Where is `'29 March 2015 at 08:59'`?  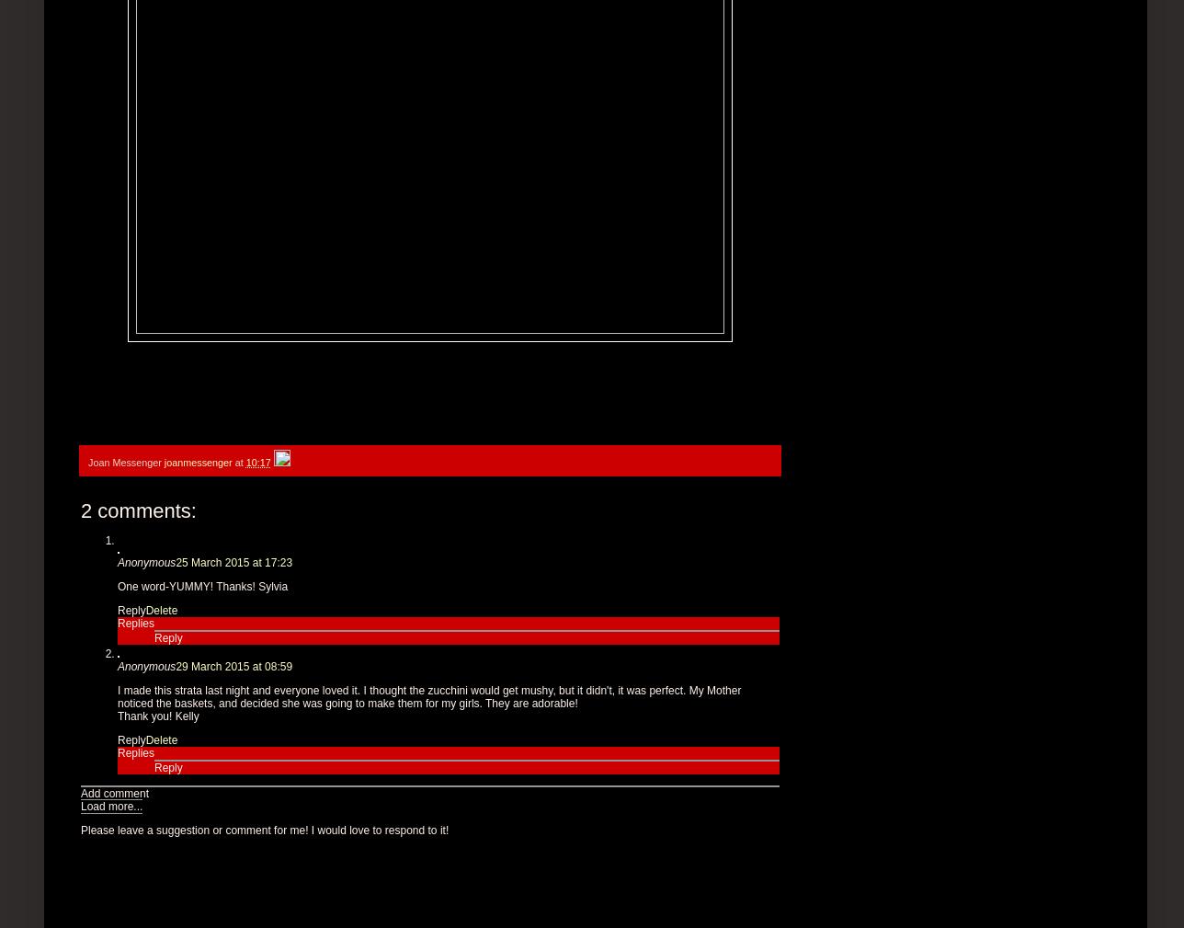
'29 March 2015 at 08:59' is located at coordinates (233, 665).